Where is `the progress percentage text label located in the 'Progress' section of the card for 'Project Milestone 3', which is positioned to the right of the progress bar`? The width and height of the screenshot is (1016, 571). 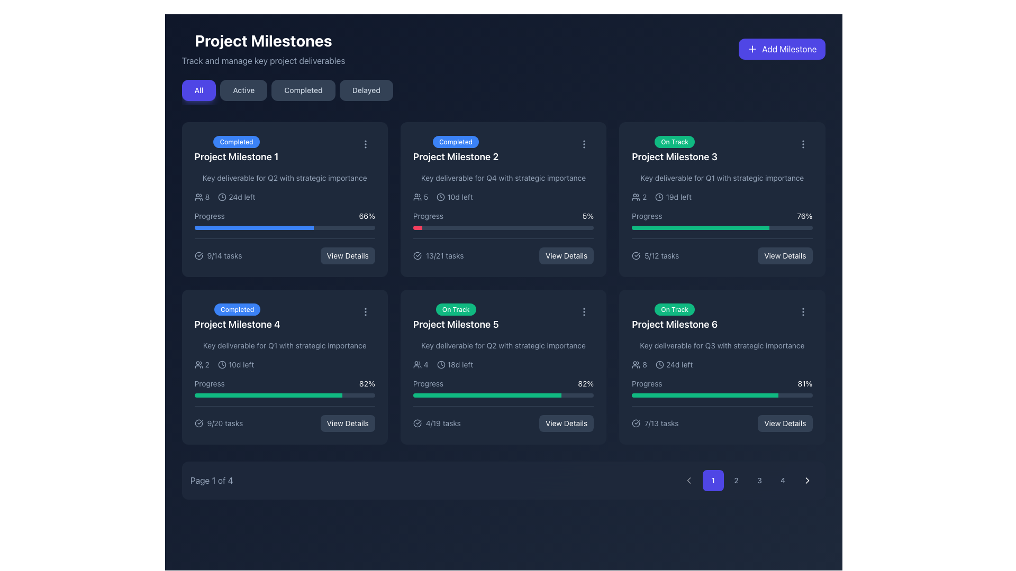 the progress percentage text label located in the 'Progress' section of the card for 'Project Milestone 3', which is positioned to the right of the progress bar is located at coordinates (804, 215).